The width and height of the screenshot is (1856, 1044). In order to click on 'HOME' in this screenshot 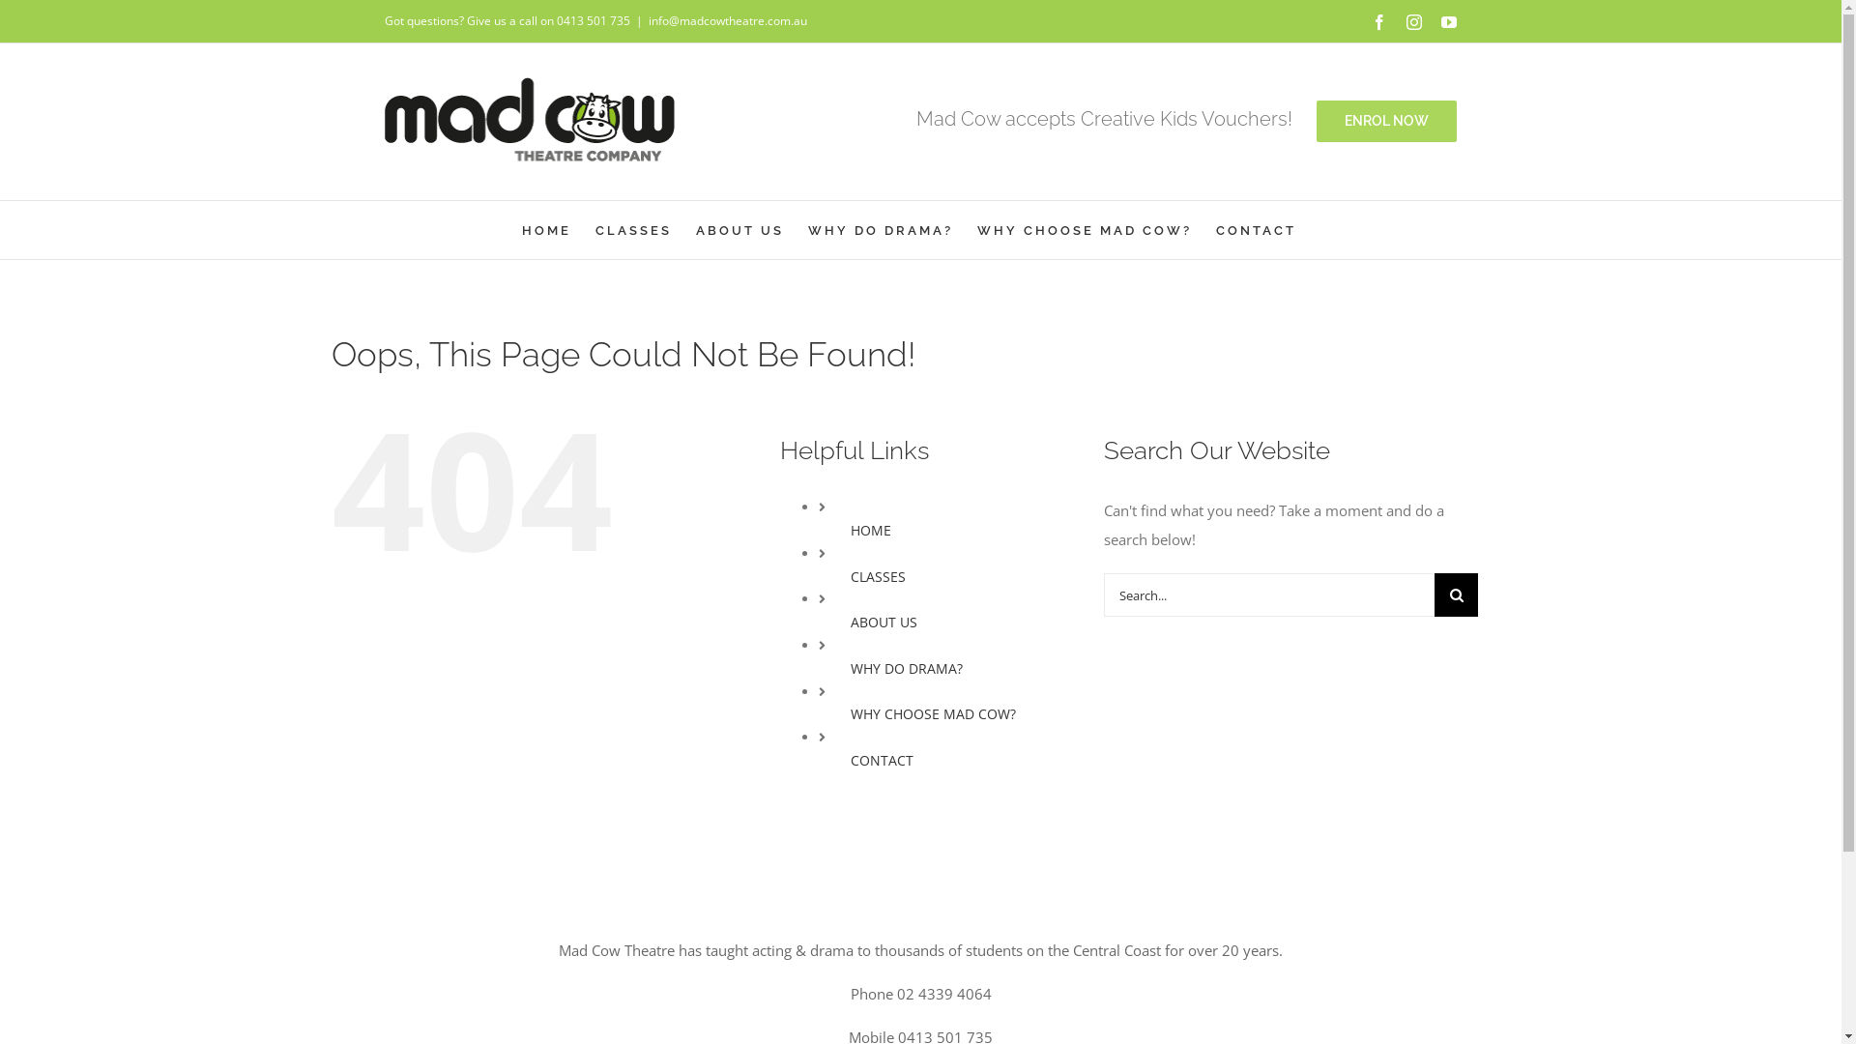, I will do `click(545, 229)`.